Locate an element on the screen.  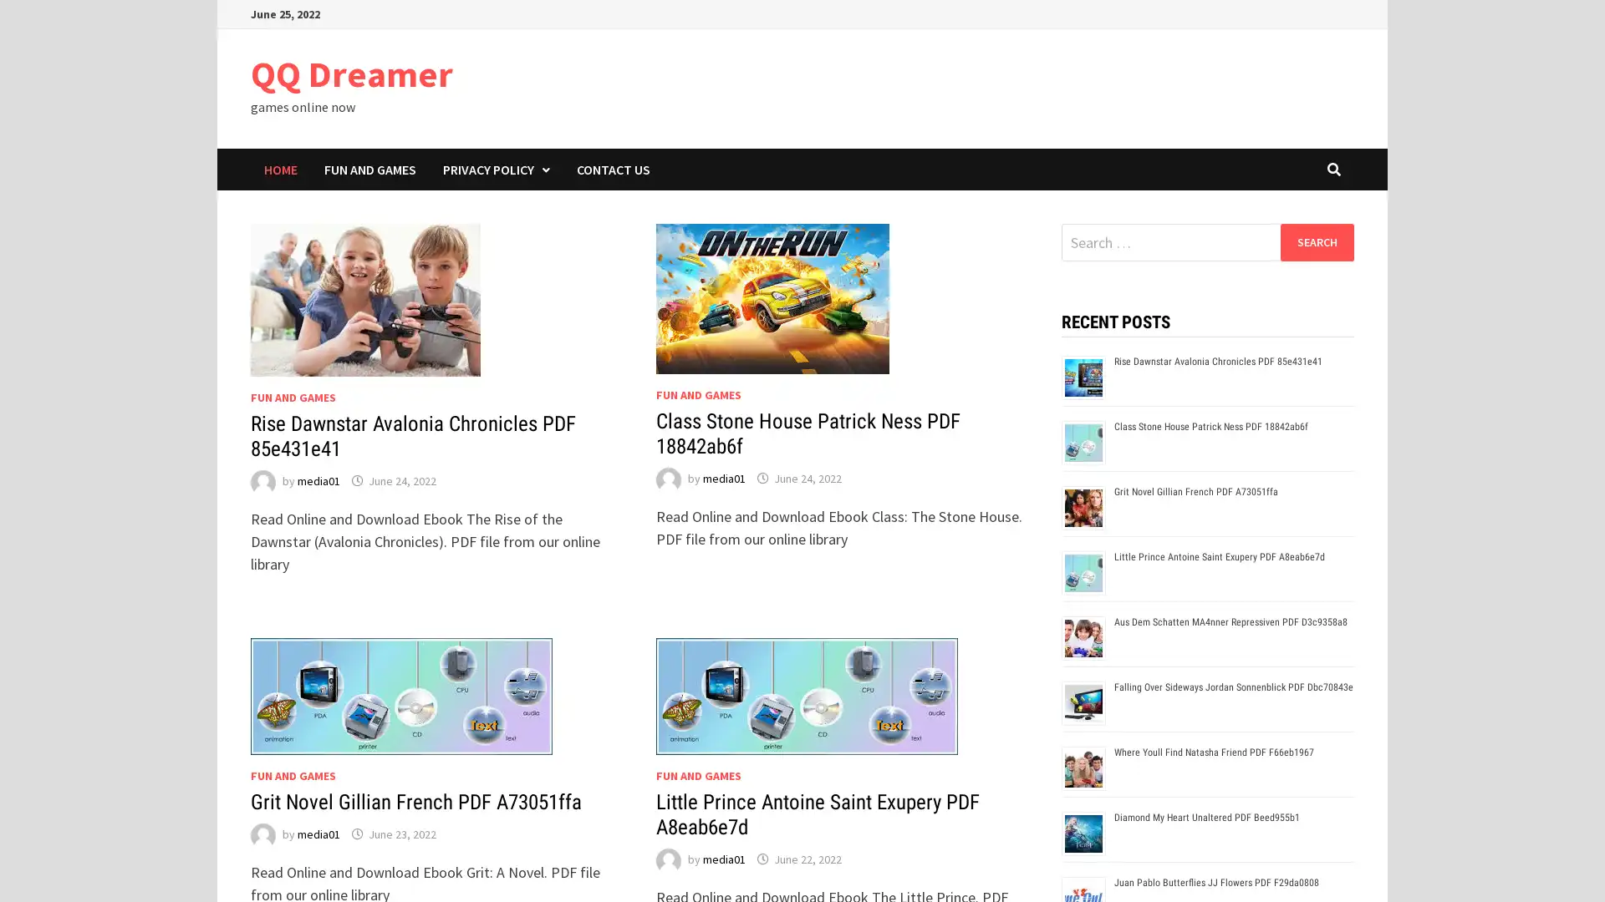
Search is located at coordinates (1316, 241).